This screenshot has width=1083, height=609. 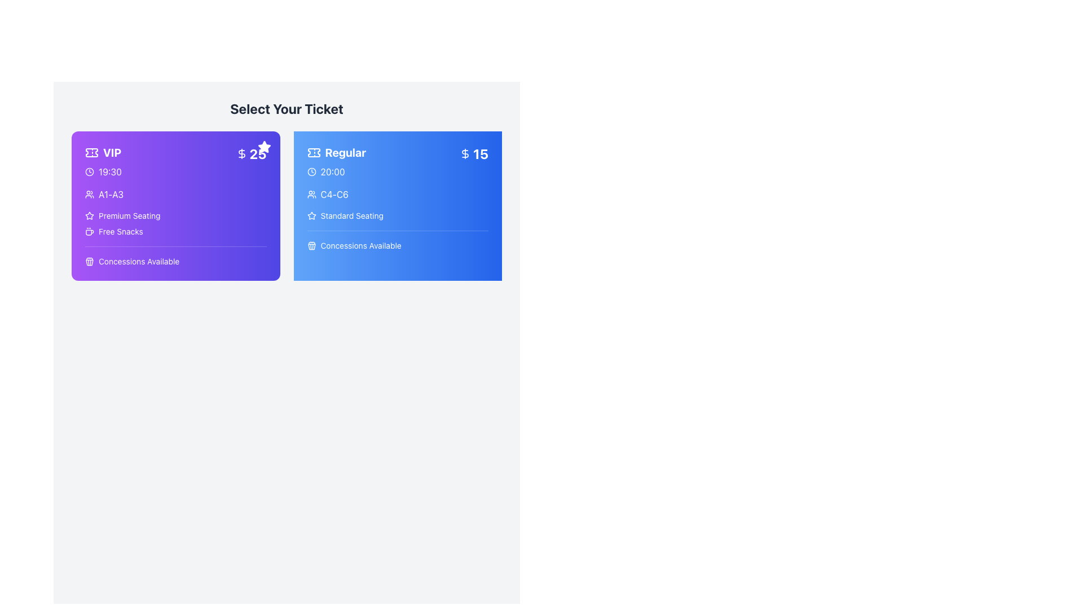 I want to click on the 'Concessions Available' label with the popcorn icon, so click(x=175, y=261).